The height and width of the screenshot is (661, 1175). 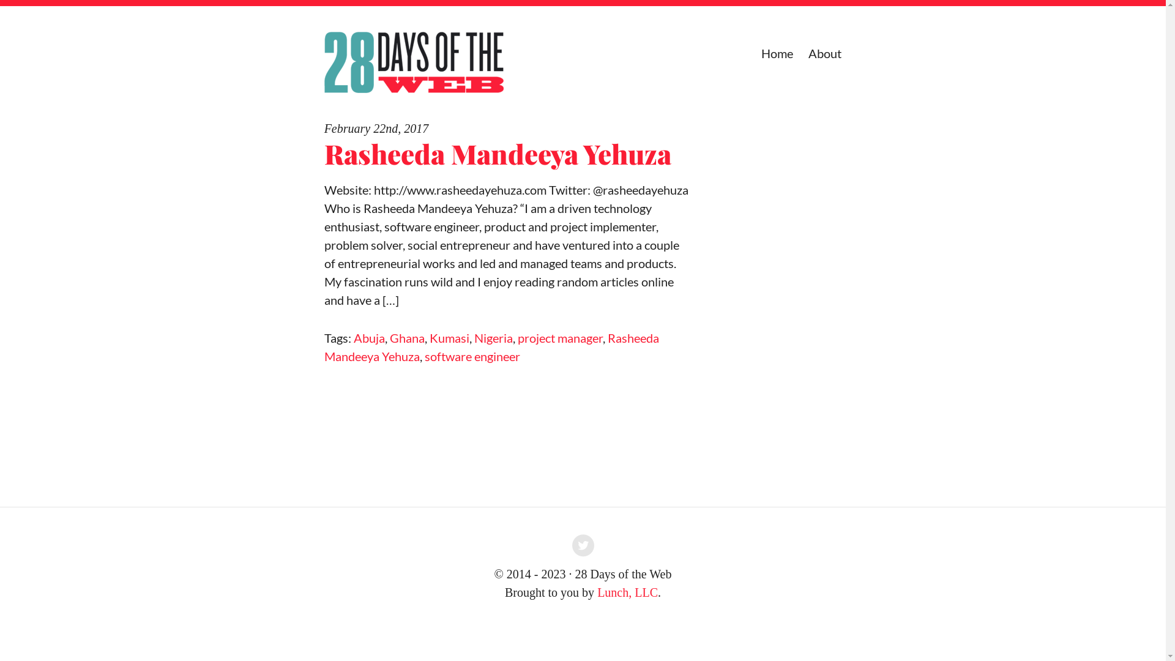 What do you see at coordinates (368, 337) in the screenshot?
I see `'Abuja'` at bounding box center [368, 337].